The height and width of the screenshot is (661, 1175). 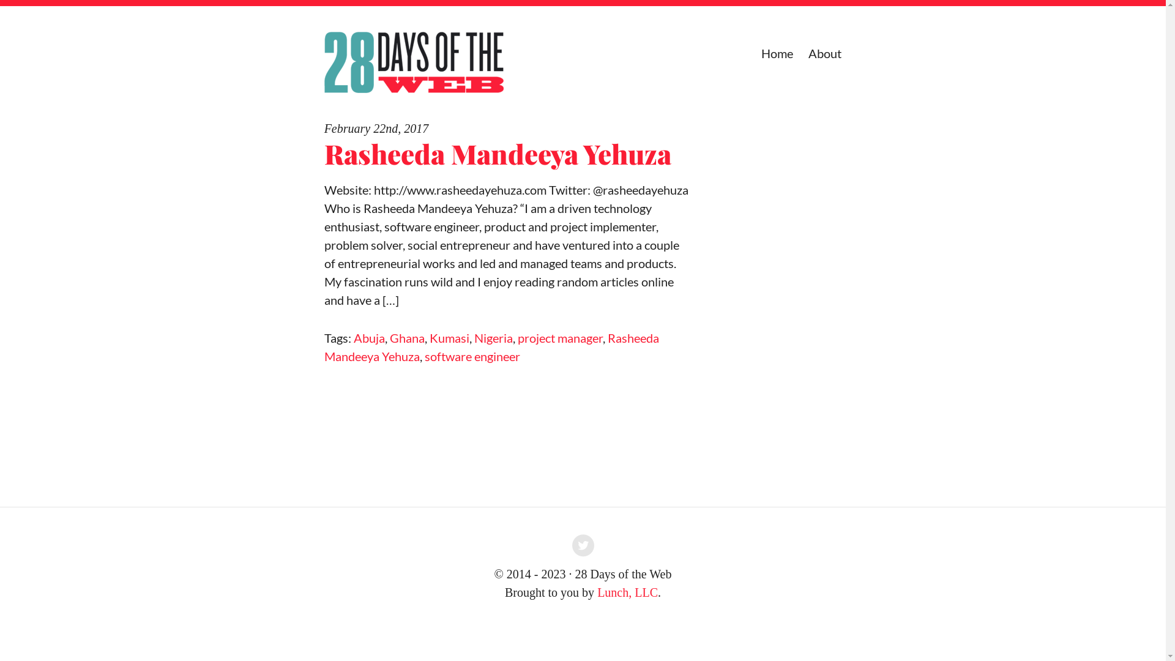 What do you see at coordinates (368, 337) in the screenshot?
I see `'Abuja'` at bounding box center [368, 337].